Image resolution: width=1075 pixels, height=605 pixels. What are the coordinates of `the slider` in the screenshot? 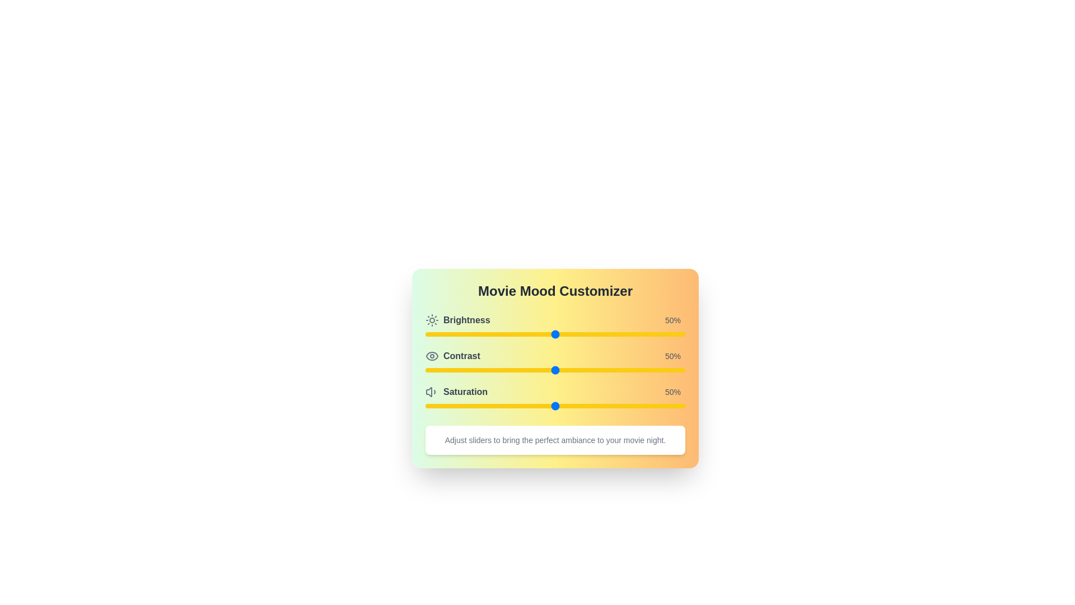 It's located at (485, 406).